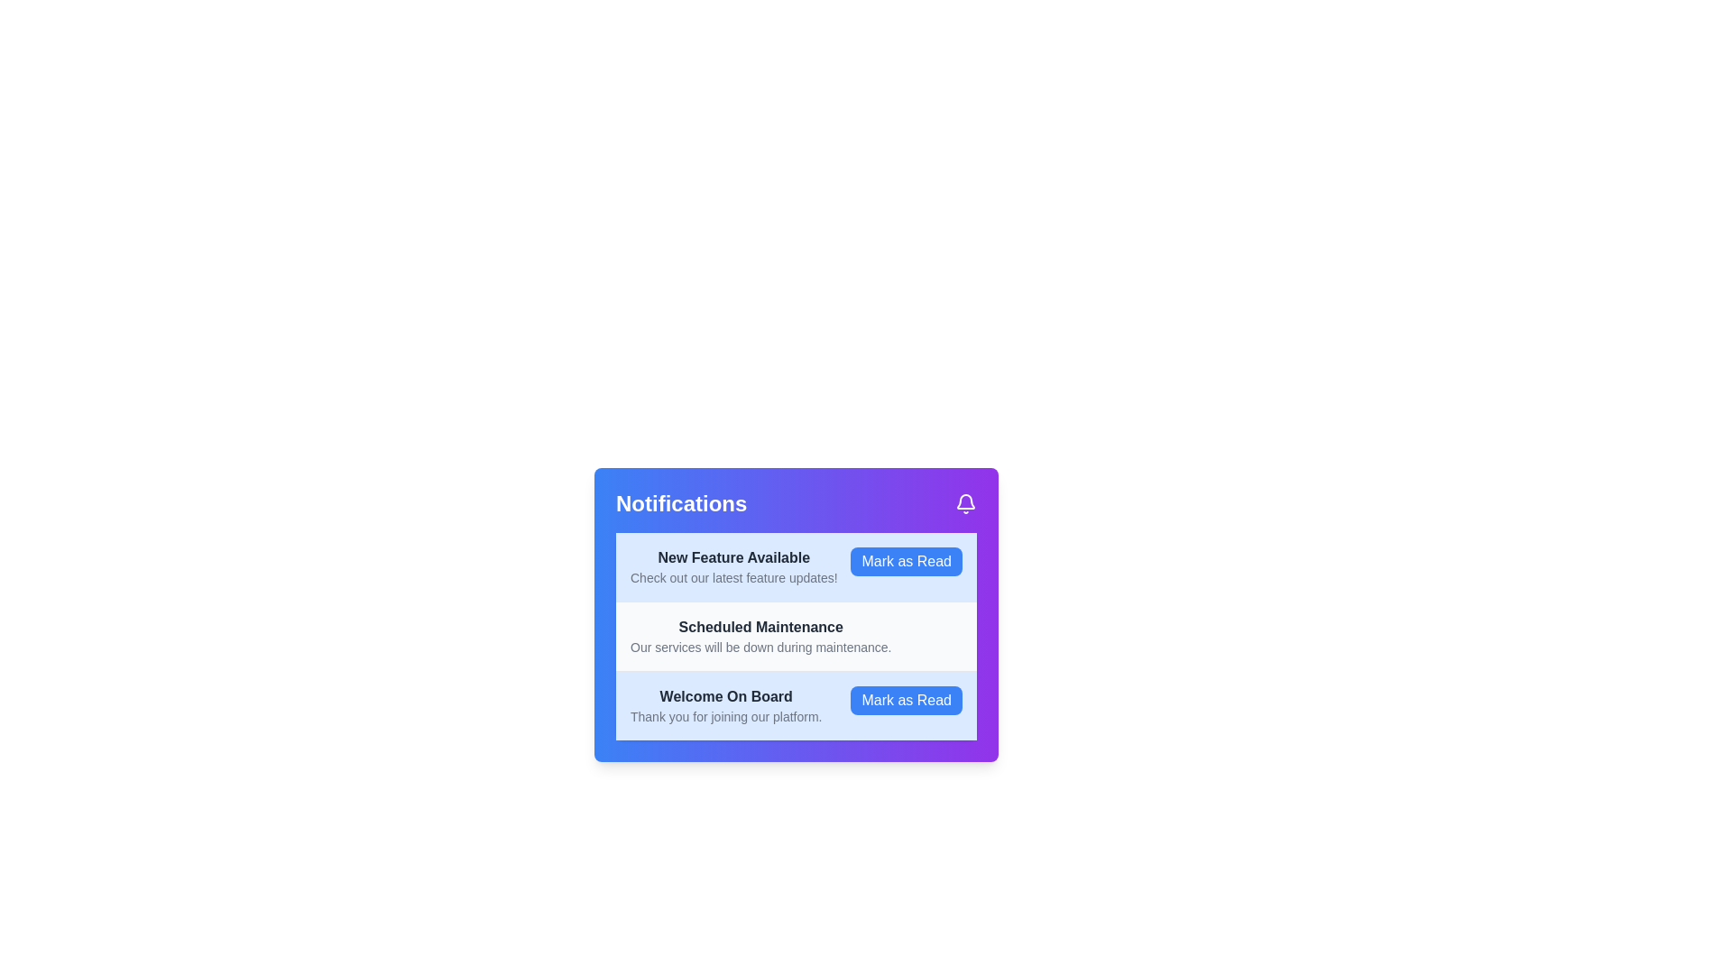 The image size is (1732, 974). Describe the element at coordinates (726, 695) in the screenshot. I see `the text element saying 'Welcome On Board' which is styled with a bold font weight and dark gray color, located in the notification card` at that location.